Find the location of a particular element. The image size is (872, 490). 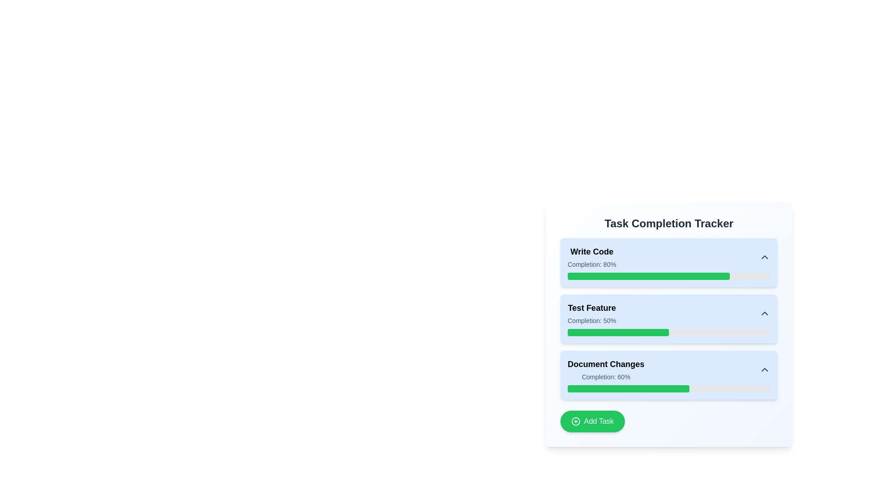

the green progress bar segment indicating 60% completion in the 'Document Changes' section of the 'Task Completion Tracker' interface is located at coordinates (628, 388).